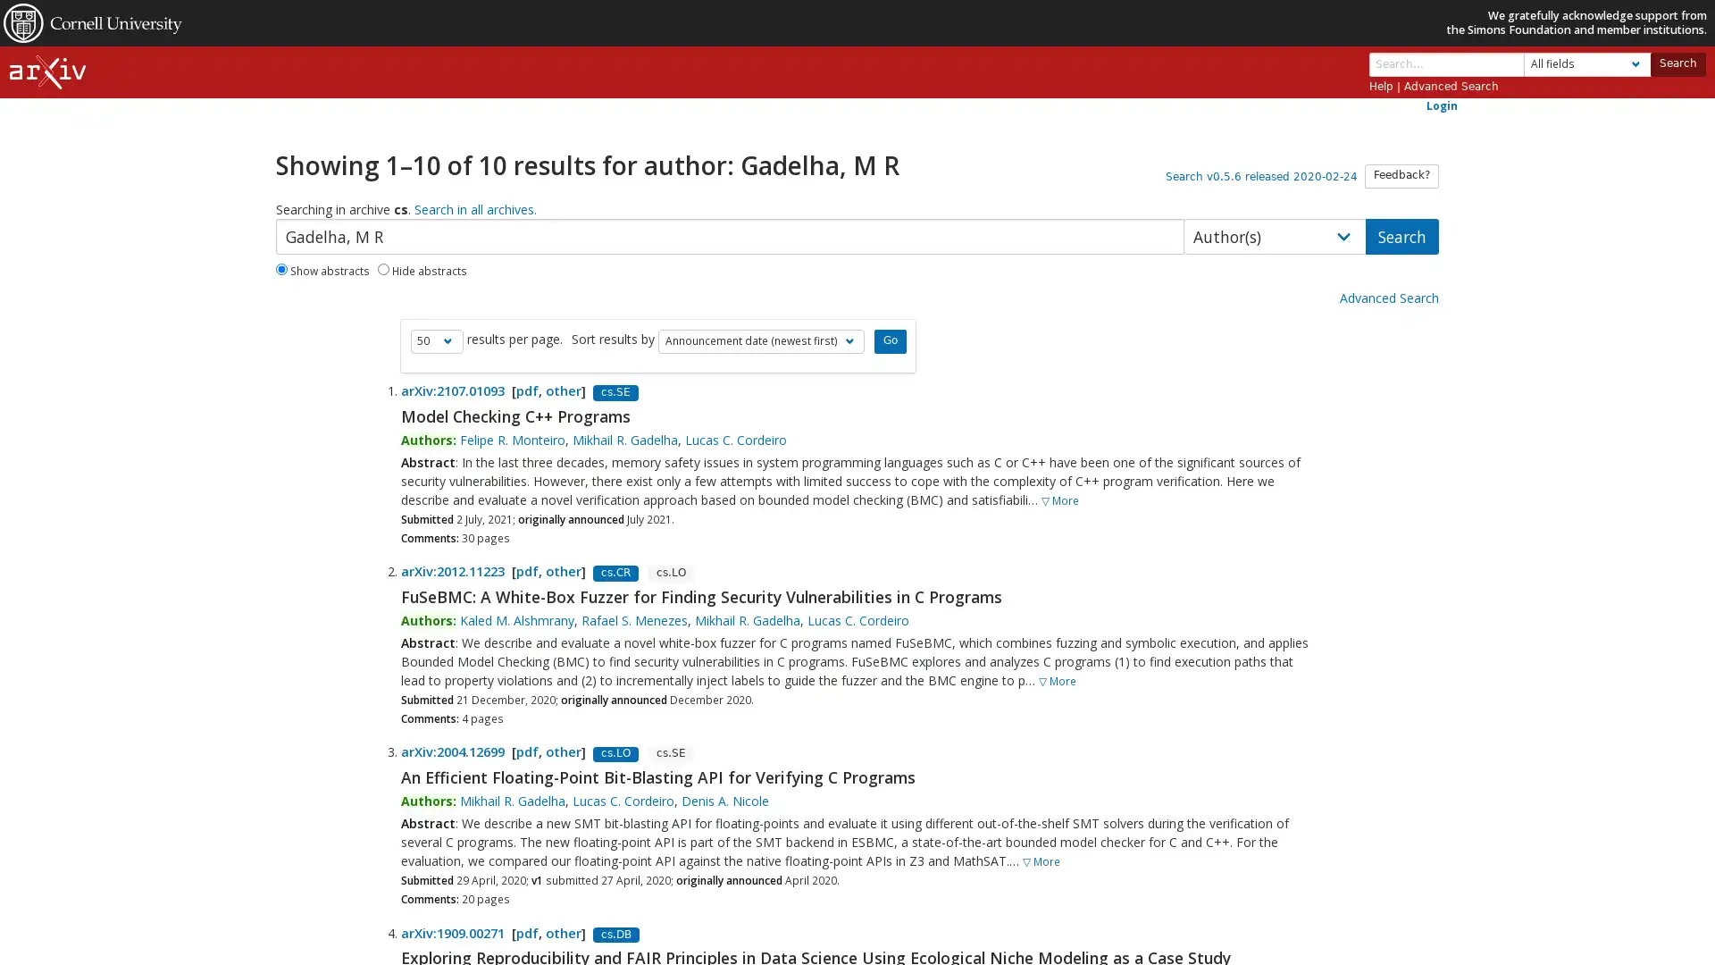 The width and height of the screenshot is (1715, 965). I want to click on Search, so click(1676, 63).